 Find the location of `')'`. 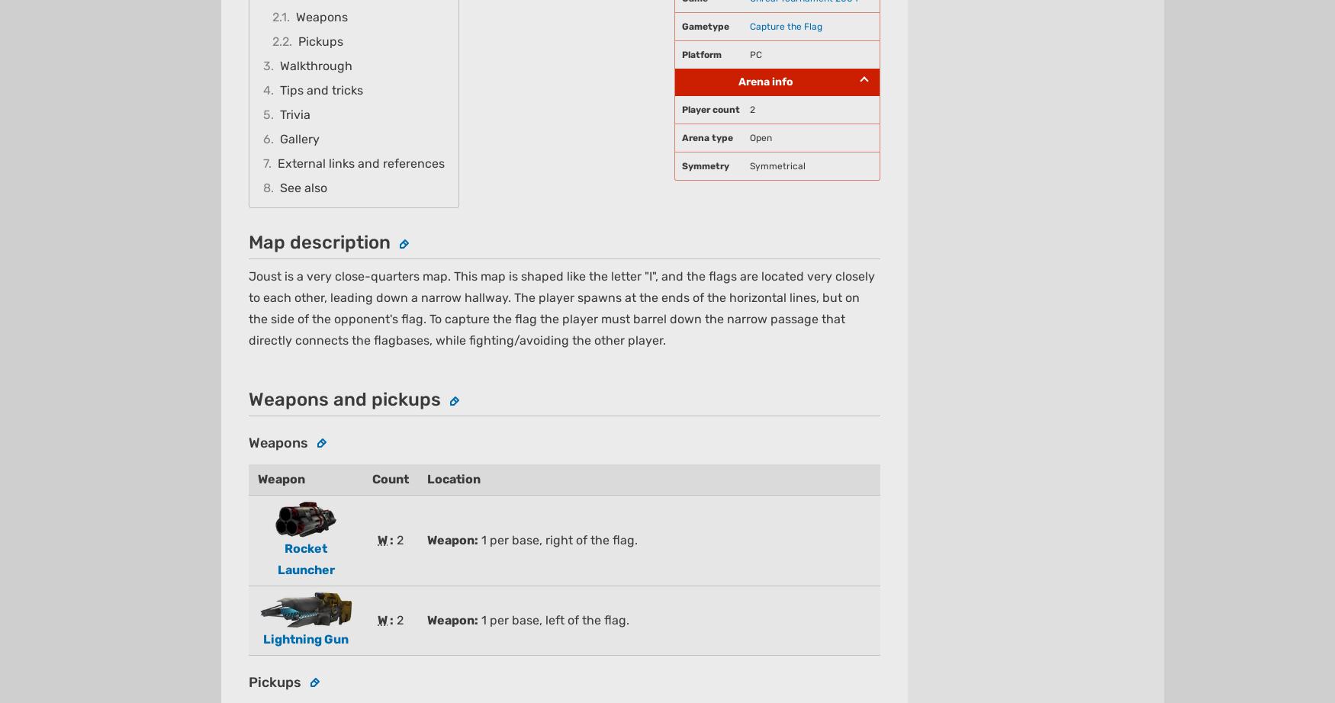

')' is located at coordinates (464, 132).